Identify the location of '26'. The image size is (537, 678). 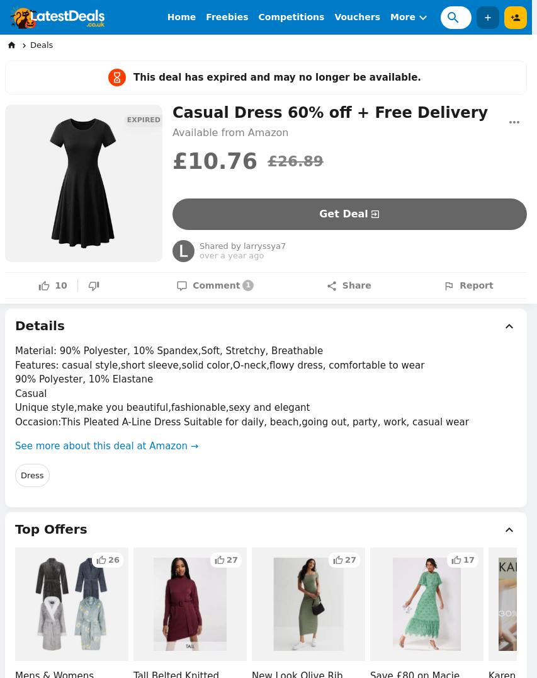
(108, 559).